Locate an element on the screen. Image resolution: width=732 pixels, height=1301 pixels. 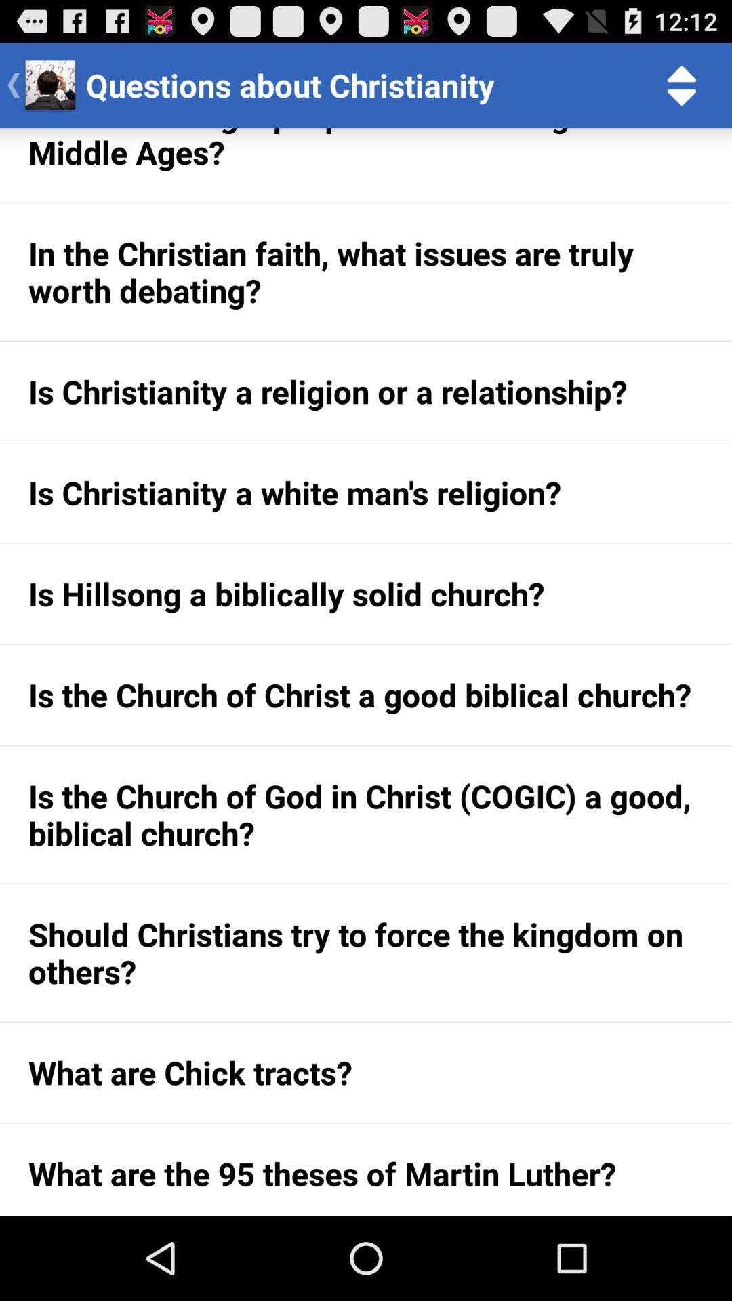
item next to the questions about christianity item is located at coordinates (682, 84).